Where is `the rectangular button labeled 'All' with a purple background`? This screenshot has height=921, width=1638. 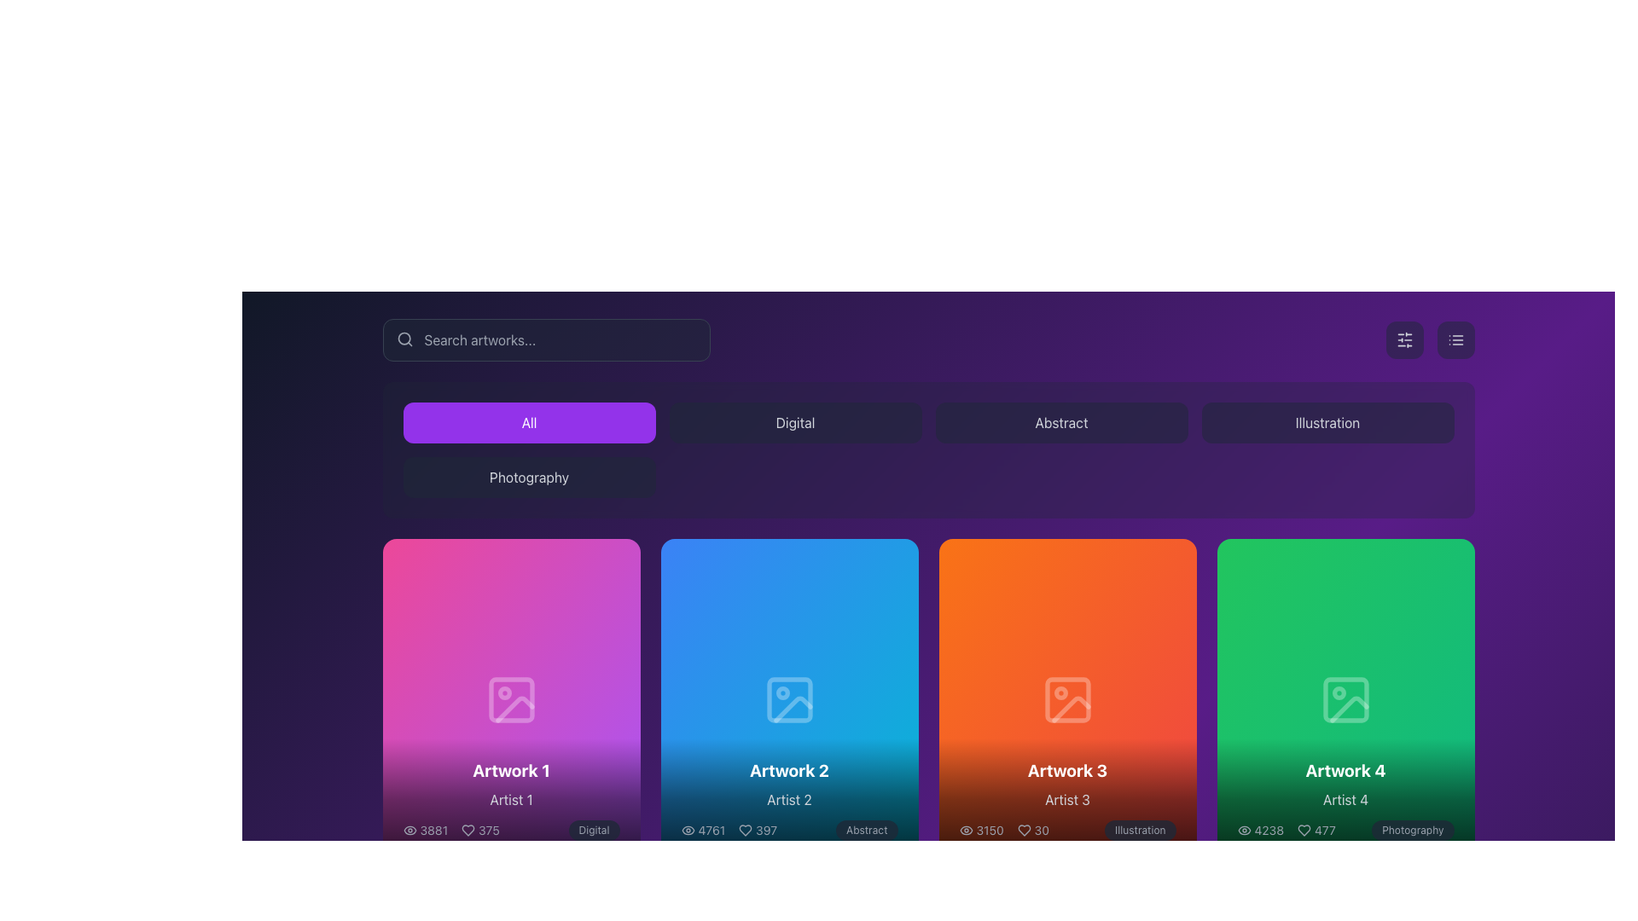 the rectangular button labeled 'All' with a purple background is located at coordinates (528, 422).